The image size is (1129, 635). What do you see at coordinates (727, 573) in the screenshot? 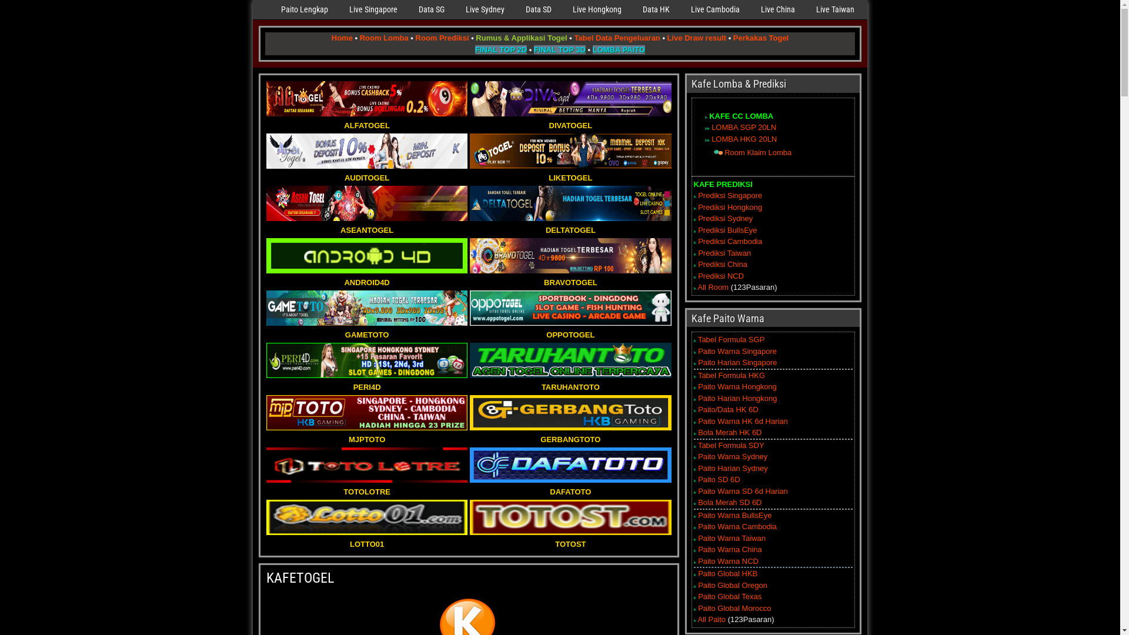
I see `'Paito Global HKB'` at bounding box center [727, 573].